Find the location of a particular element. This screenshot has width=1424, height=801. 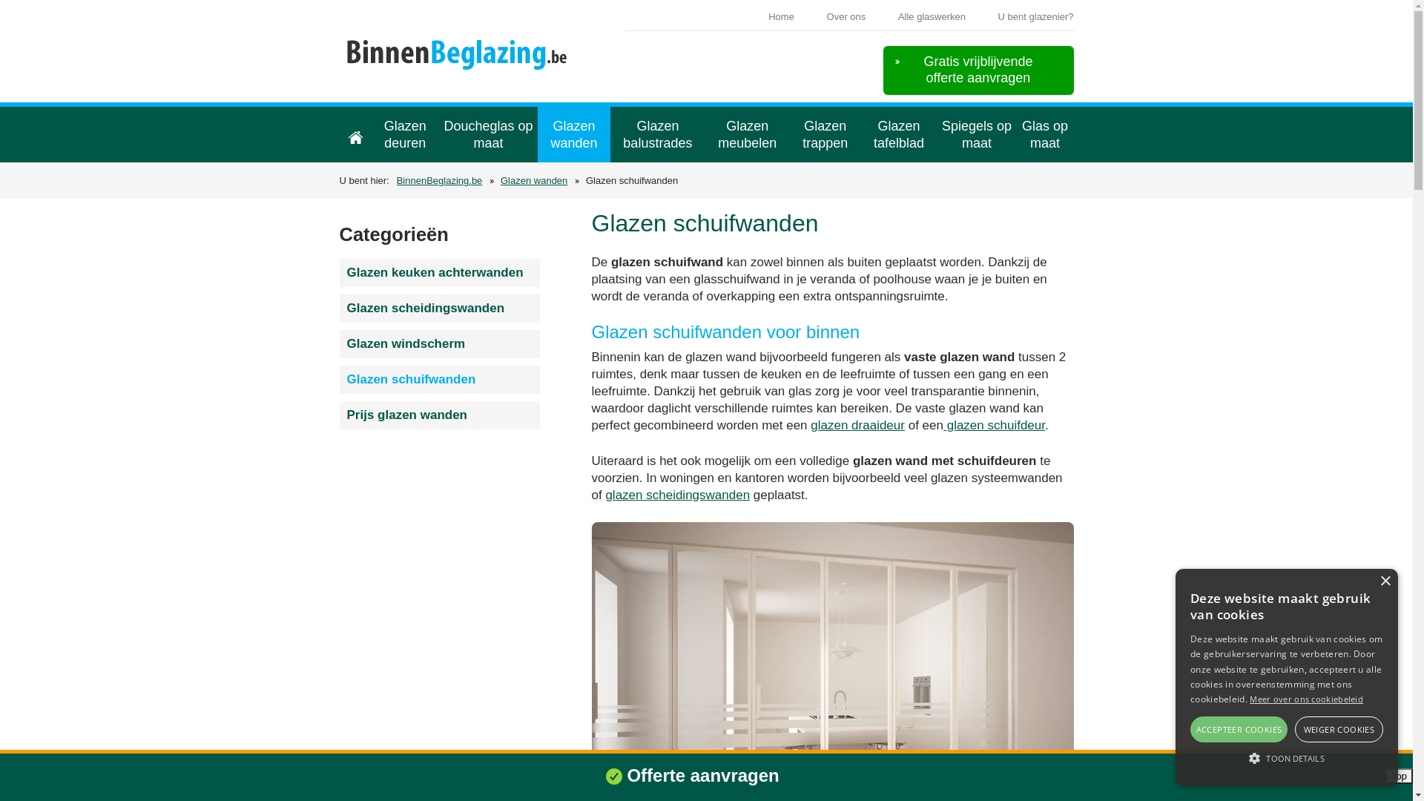

'Glazen windscherm' is located at coordinates (439, 343).